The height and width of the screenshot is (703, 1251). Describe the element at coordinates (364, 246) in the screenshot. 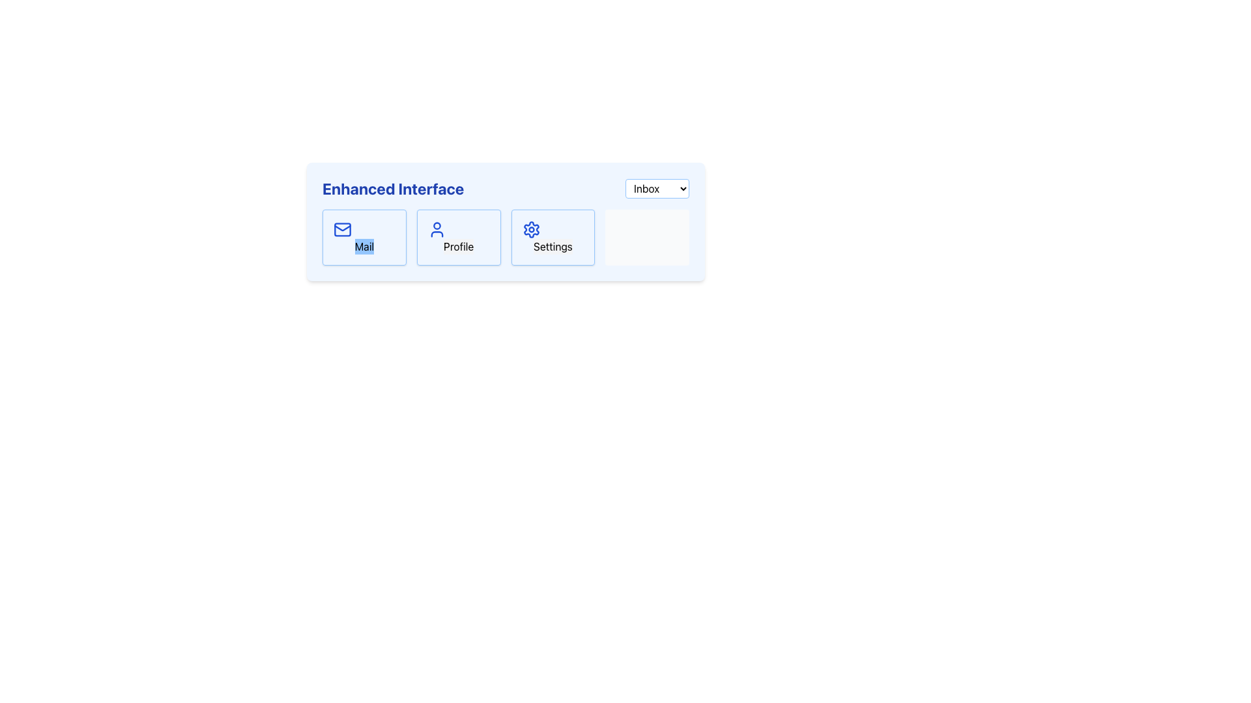

I see `the 'Mail' button located` at that location.